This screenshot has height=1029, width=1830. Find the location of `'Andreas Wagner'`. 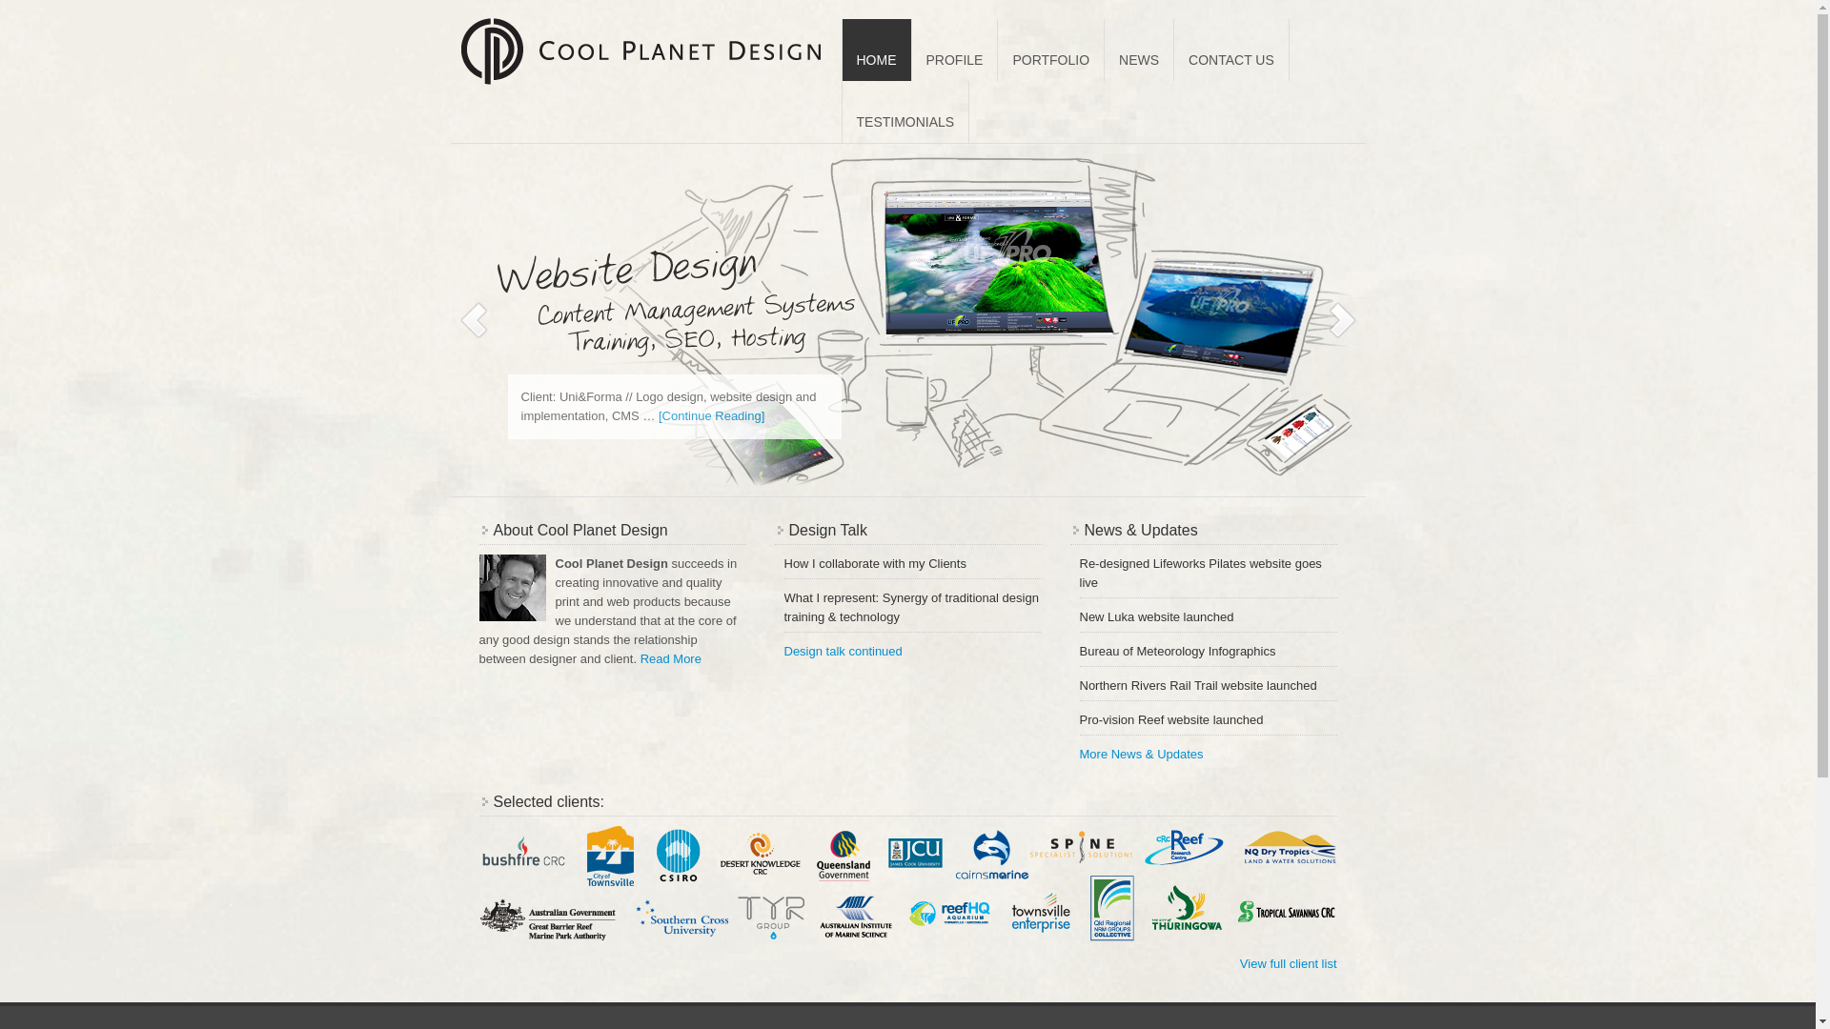

'Andreas Wagner' is located at coordinates (512, 587).